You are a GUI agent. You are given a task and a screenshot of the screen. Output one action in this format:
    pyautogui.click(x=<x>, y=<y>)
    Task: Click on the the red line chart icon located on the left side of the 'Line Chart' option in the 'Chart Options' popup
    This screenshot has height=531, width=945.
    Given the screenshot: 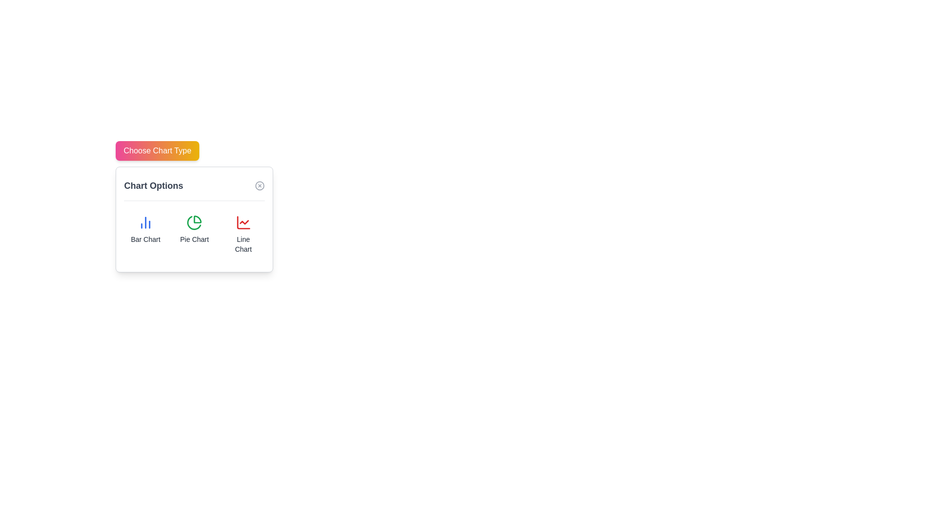 What is the action you would take?
    pyautogui.click(x=243, y=222)
    